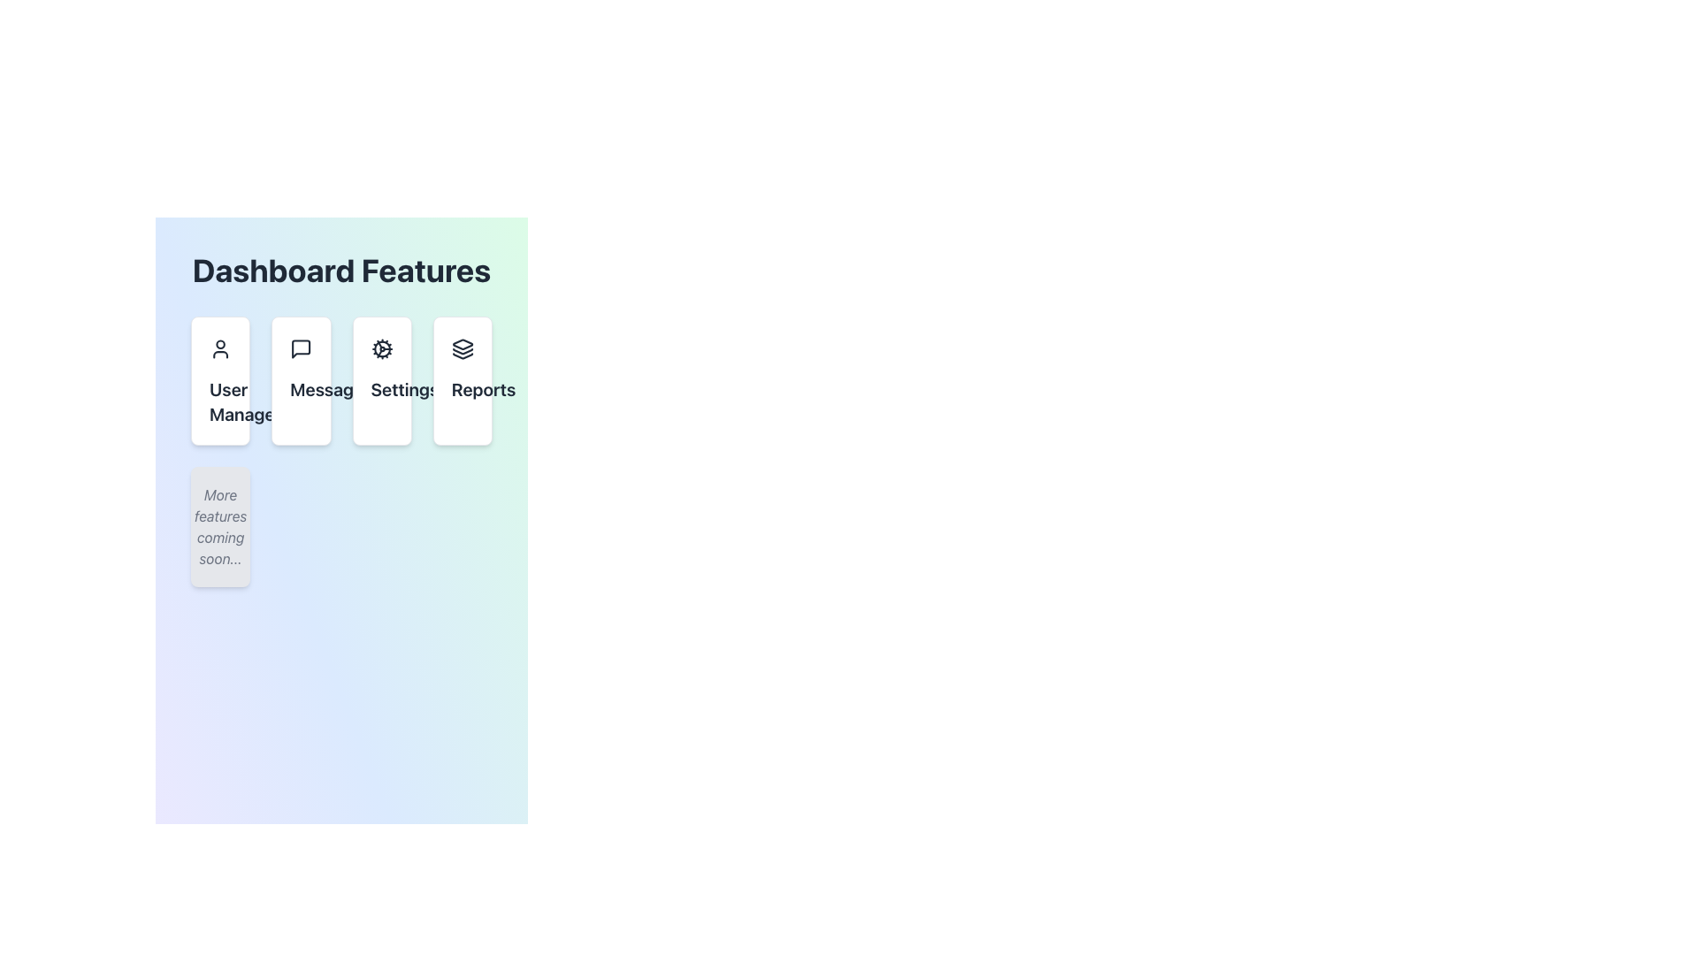 Image resolution: width=1698 pixels, height=955 pixels. I want to click on text label 'User Management' which is styled in bold and located in the first card under the 'Dashboard Features' heading, so click(219, 402).